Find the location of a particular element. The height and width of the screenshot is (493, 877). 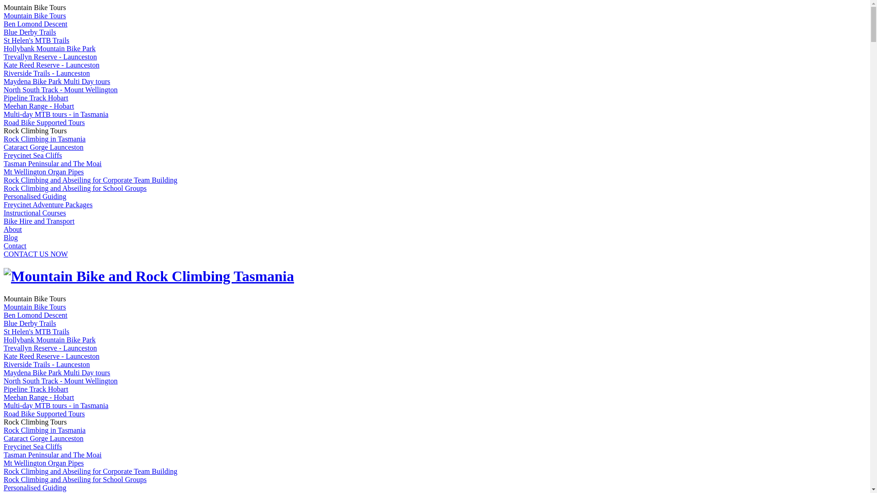

'Rock Climbing and Abseiling for School Groups' is located at coordinates (75, 479).